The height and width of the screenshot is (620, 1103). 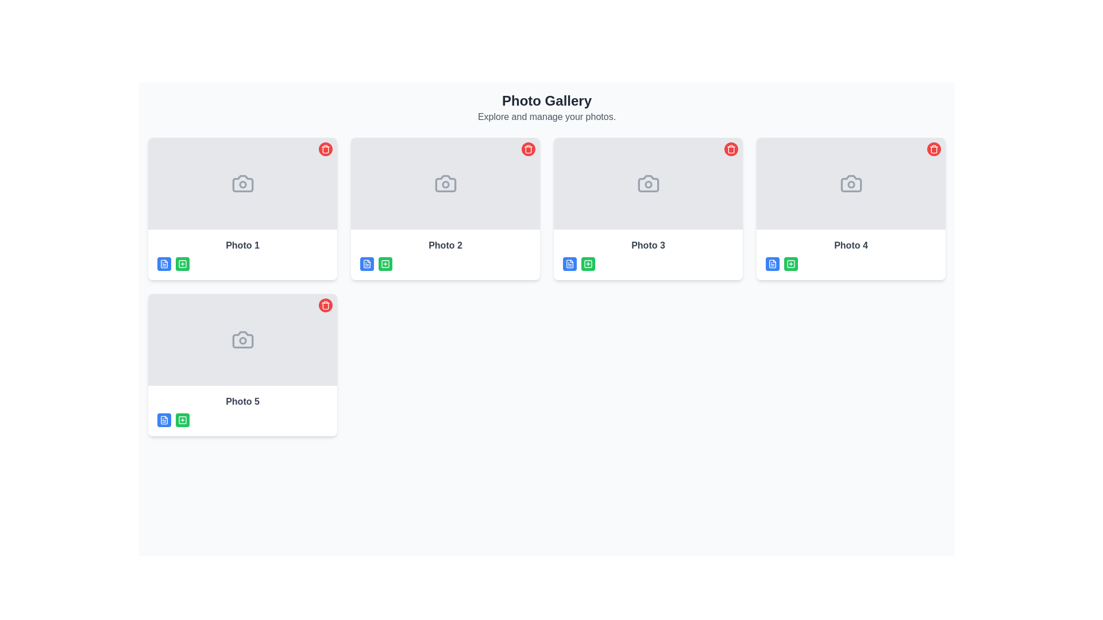 I want to click on the vertical body structure of the trash bin icon located in the top-right corner of the 'Photo 2' card, so click(x=528, y=149).